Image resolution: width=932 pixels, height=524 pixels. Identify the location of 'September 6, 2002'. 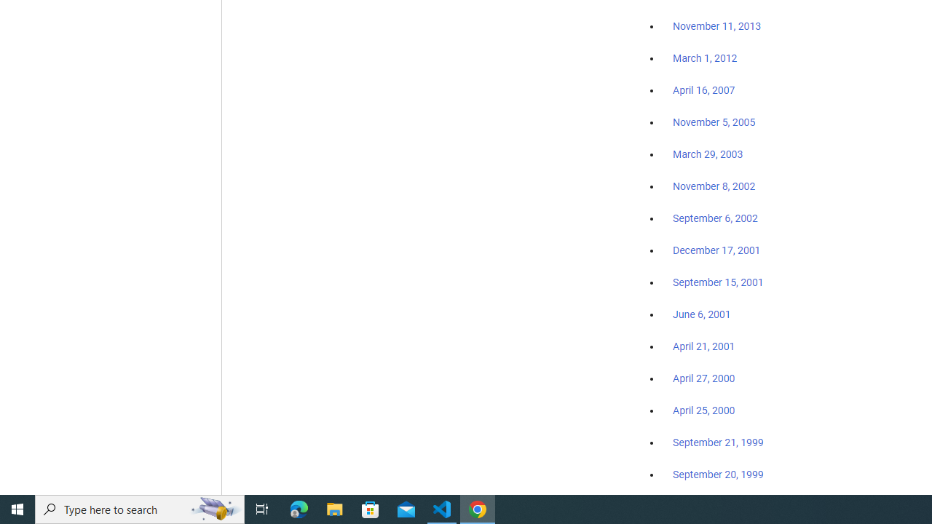
(715, 218).